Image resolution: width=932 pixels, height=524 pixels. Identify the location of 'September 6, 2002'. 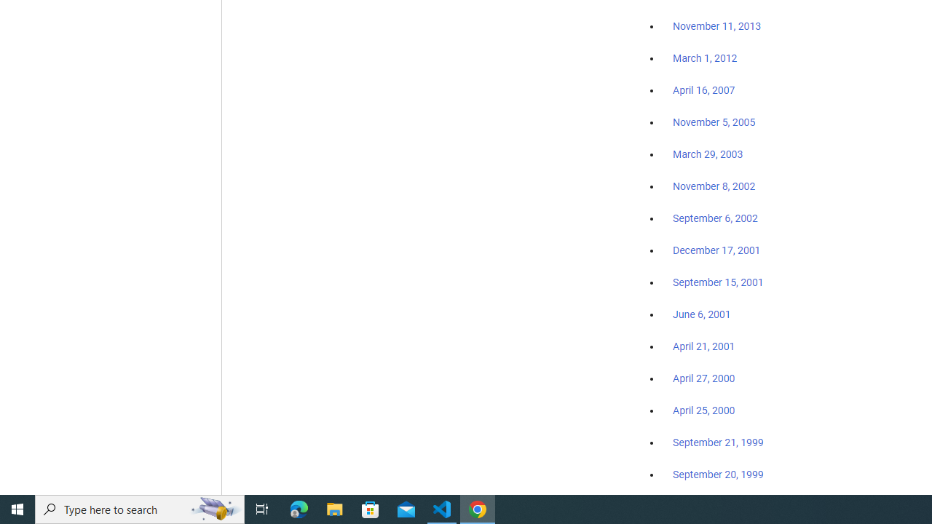
(715, 218).